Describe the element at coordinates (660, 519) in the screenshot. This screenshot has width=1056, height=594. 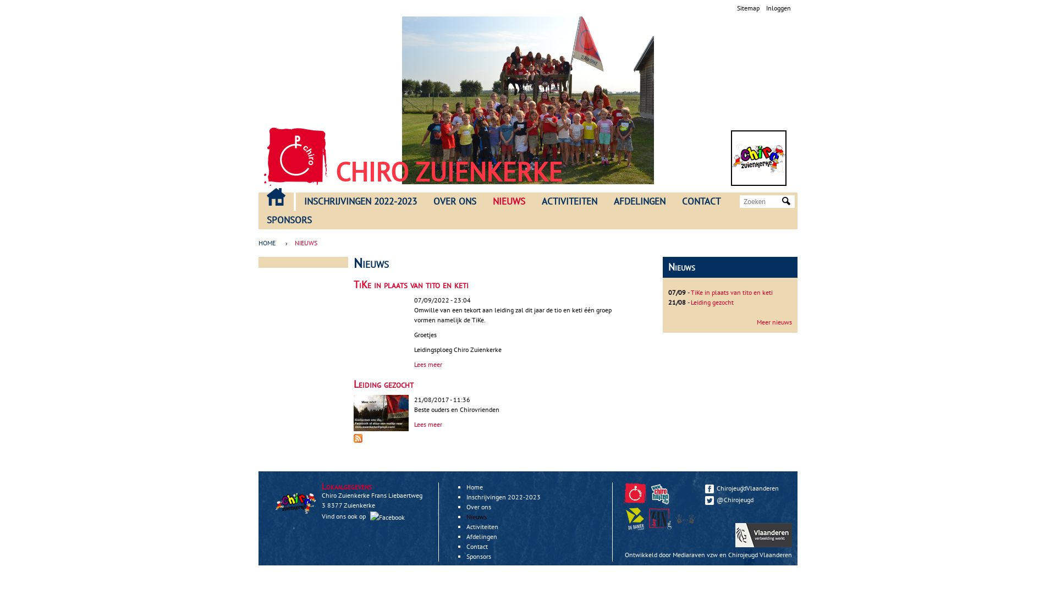
I see `'Zindering'` at that location.